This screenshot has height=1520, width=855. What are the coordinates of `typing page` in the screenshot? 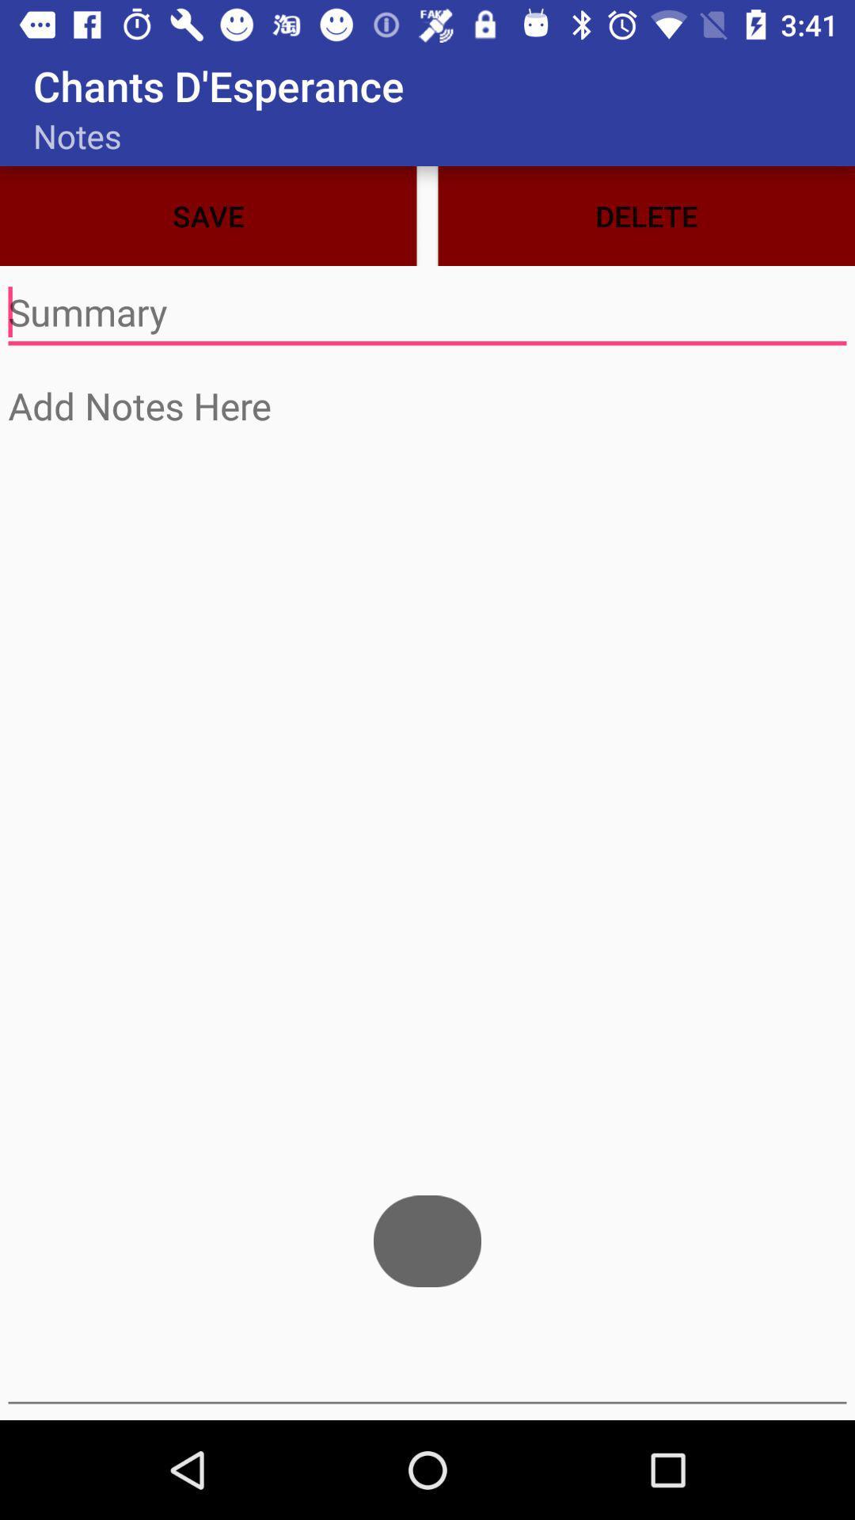 It's located at (427, 890).